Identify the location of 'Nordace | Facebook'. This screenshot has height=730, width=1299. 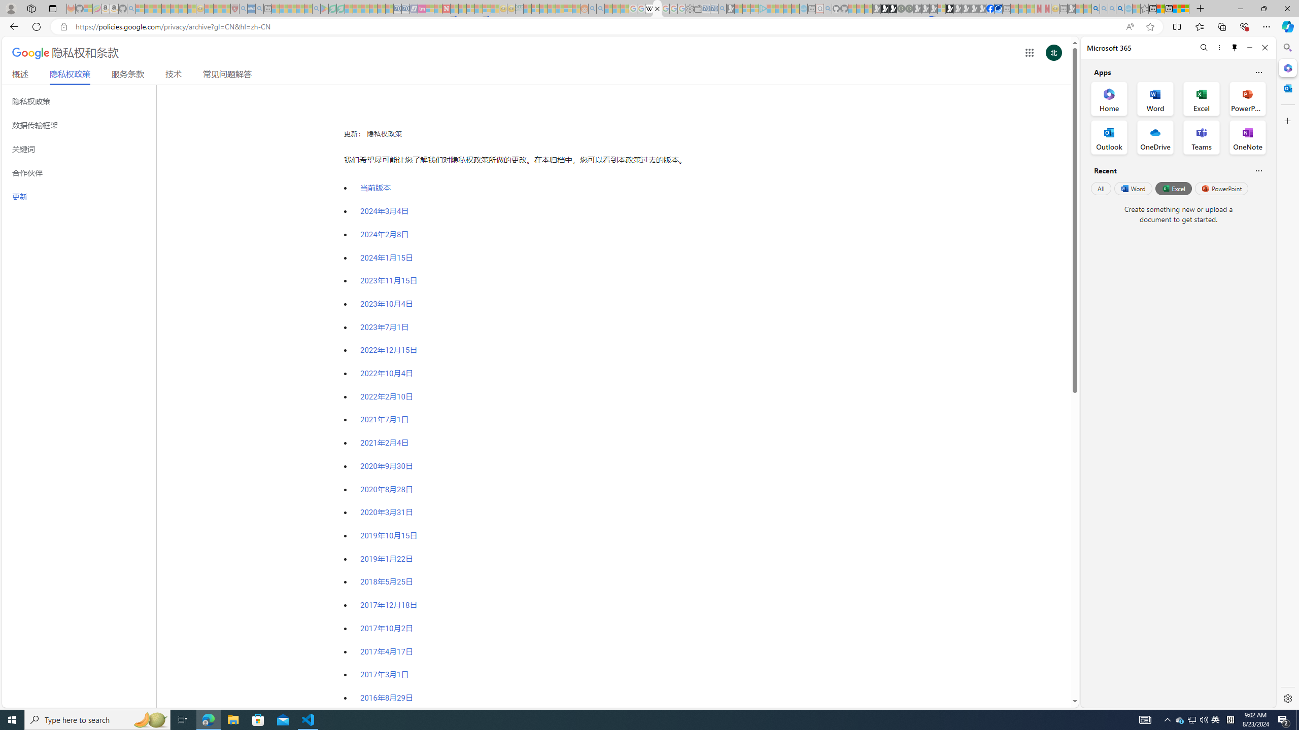
(990, 8).